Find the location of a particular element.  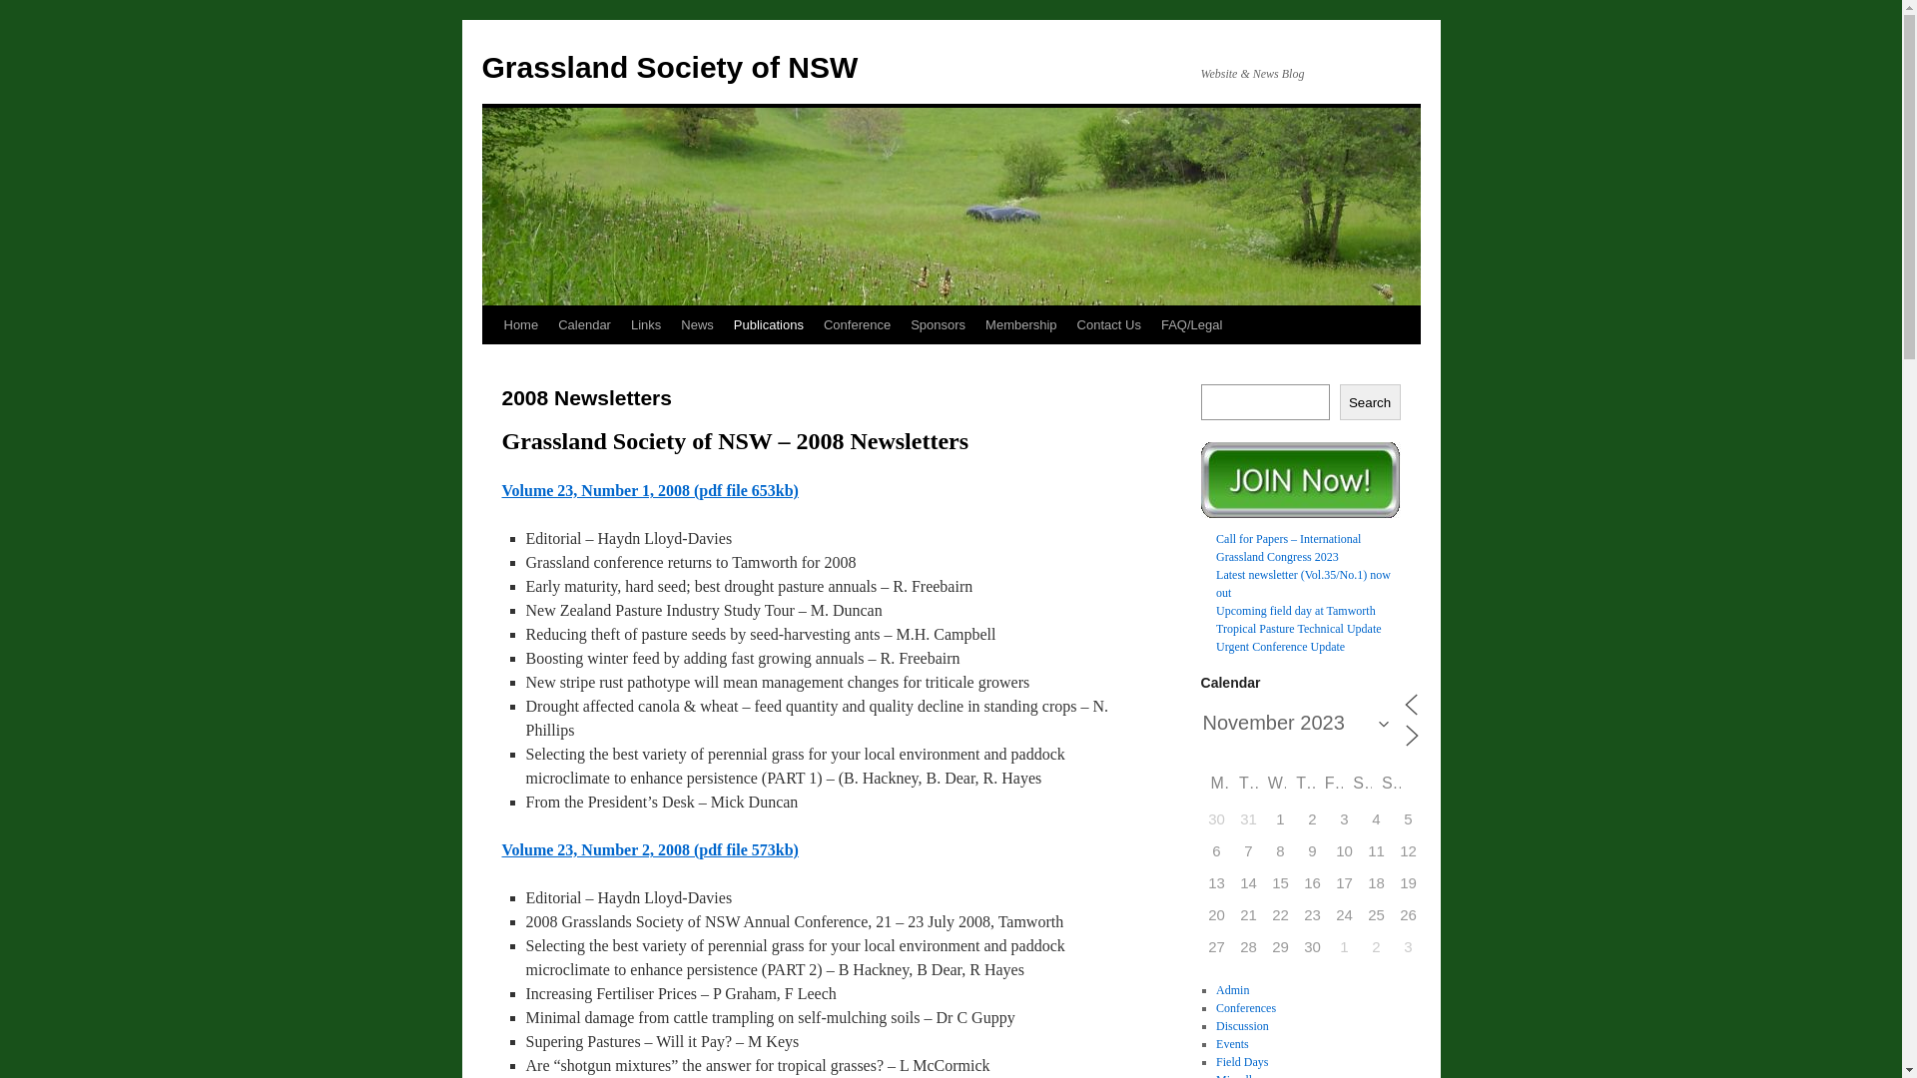

'Tropical Pasture Technical Update' is located at coordinates (1298, 627).